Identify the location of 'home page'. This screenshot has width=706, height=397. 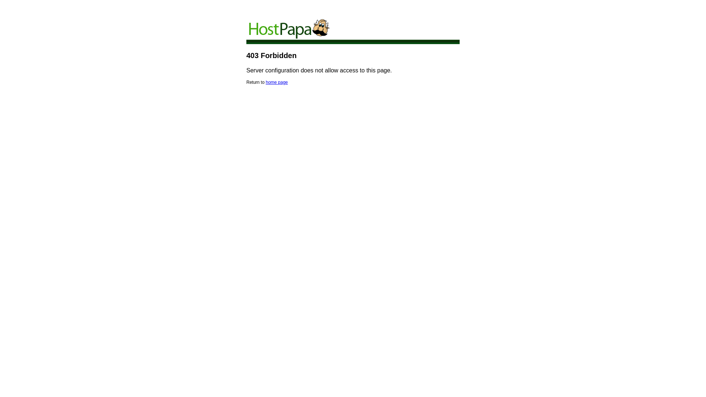
(265, 82).